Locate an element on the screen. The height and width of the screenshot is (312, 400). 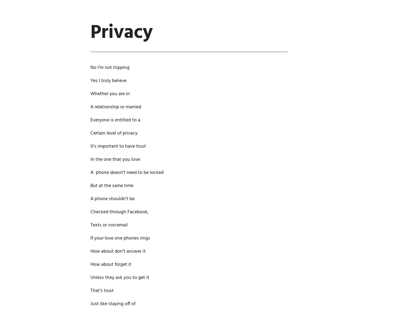
'A phone shouldn’t be' is located at coordinates (112, 199).